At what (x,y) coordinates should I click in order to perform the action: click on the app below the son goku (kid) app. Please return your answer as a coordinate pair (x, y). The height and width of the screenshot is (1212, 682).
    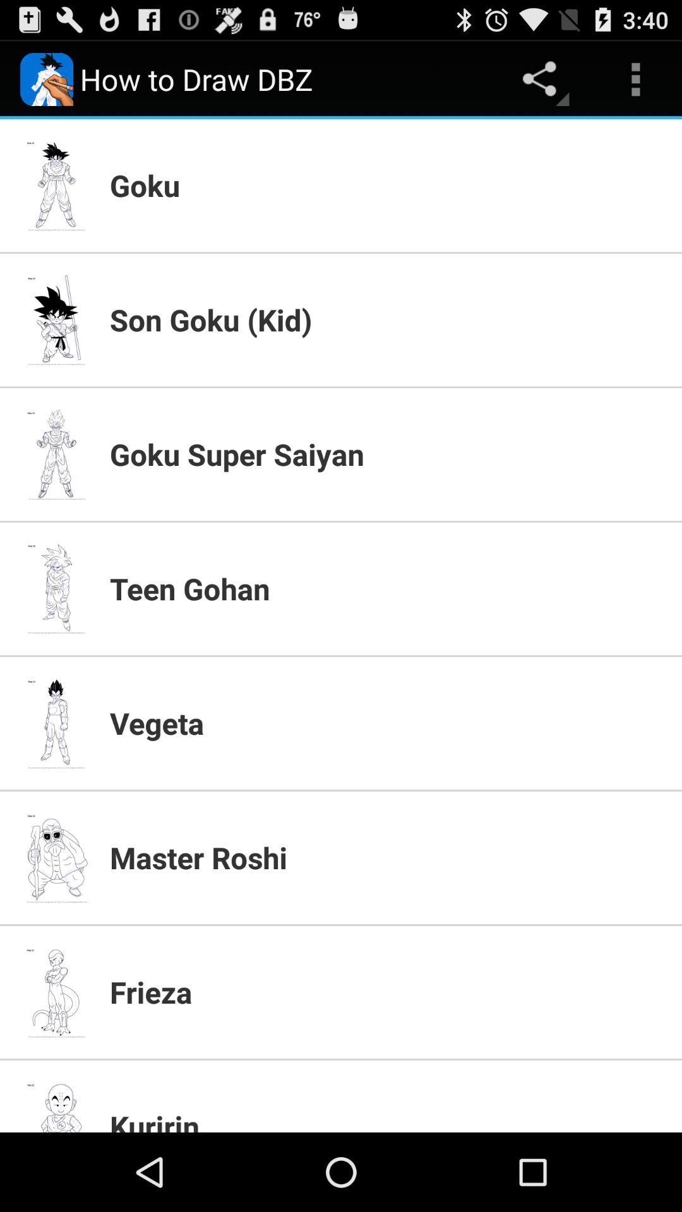
    Looking at the image, I should click on (387, 454).